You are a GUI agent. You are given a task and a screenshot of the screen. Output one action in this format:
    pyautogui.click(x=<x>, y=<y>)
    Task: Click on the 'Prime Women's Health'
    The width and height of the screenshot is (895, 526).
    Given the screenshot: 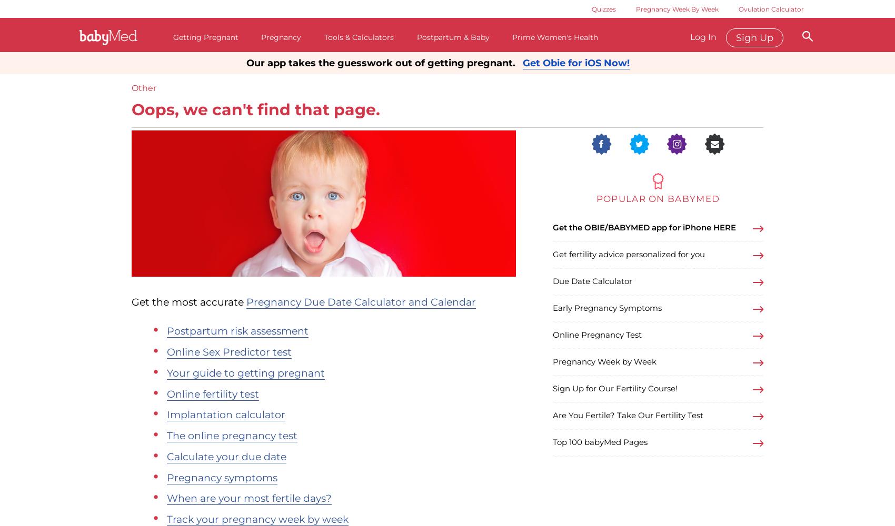 What is the action you would take?
    pyautogui.click(x=554, y=37)
    